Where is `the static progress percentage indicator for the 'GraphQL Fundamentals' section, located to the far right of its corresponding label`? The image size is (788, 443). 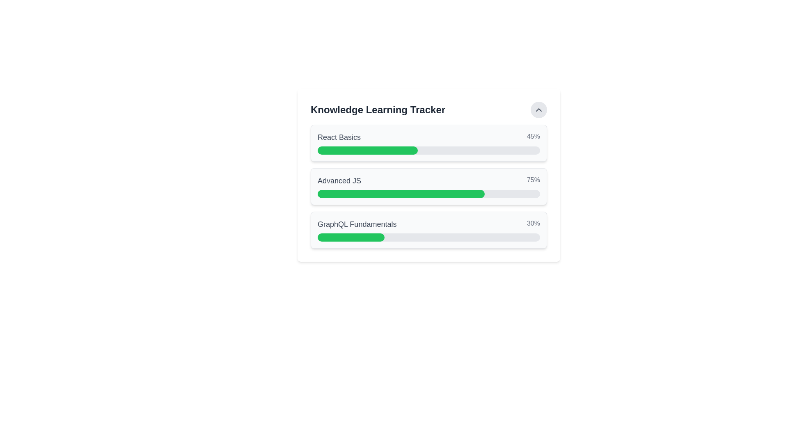
the static progress percentage indicator for the 'GraphQL Fundamentals' section, located to the far right of its corresponding label is located at coordinates (534, 224).